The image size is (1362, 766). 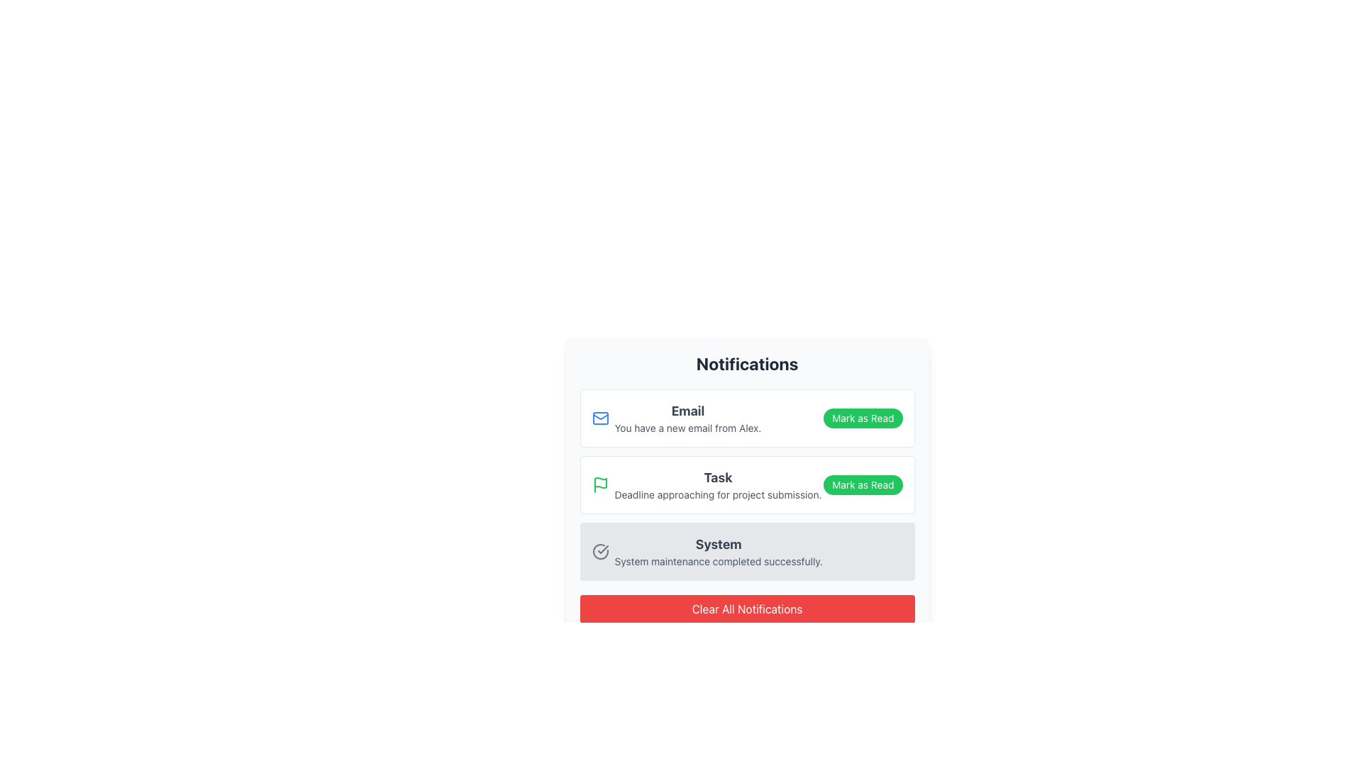 What do you see at coordinates (746, 484) in the screenshot?
I see `information displayed in the second notification card labeled 'Task' which indicates 'Deadline approaching for project submission.'` at bounding box center [746, 484].